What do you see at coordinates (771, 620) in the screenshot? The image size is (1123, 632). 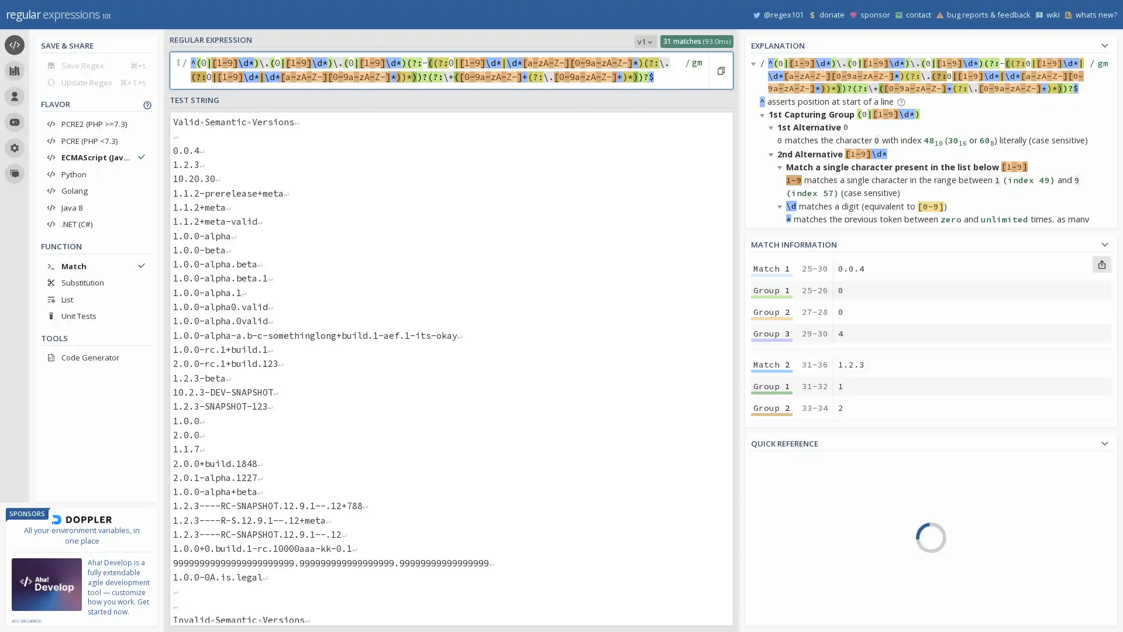 I see `Group 3` at bounding box center [771, 620].